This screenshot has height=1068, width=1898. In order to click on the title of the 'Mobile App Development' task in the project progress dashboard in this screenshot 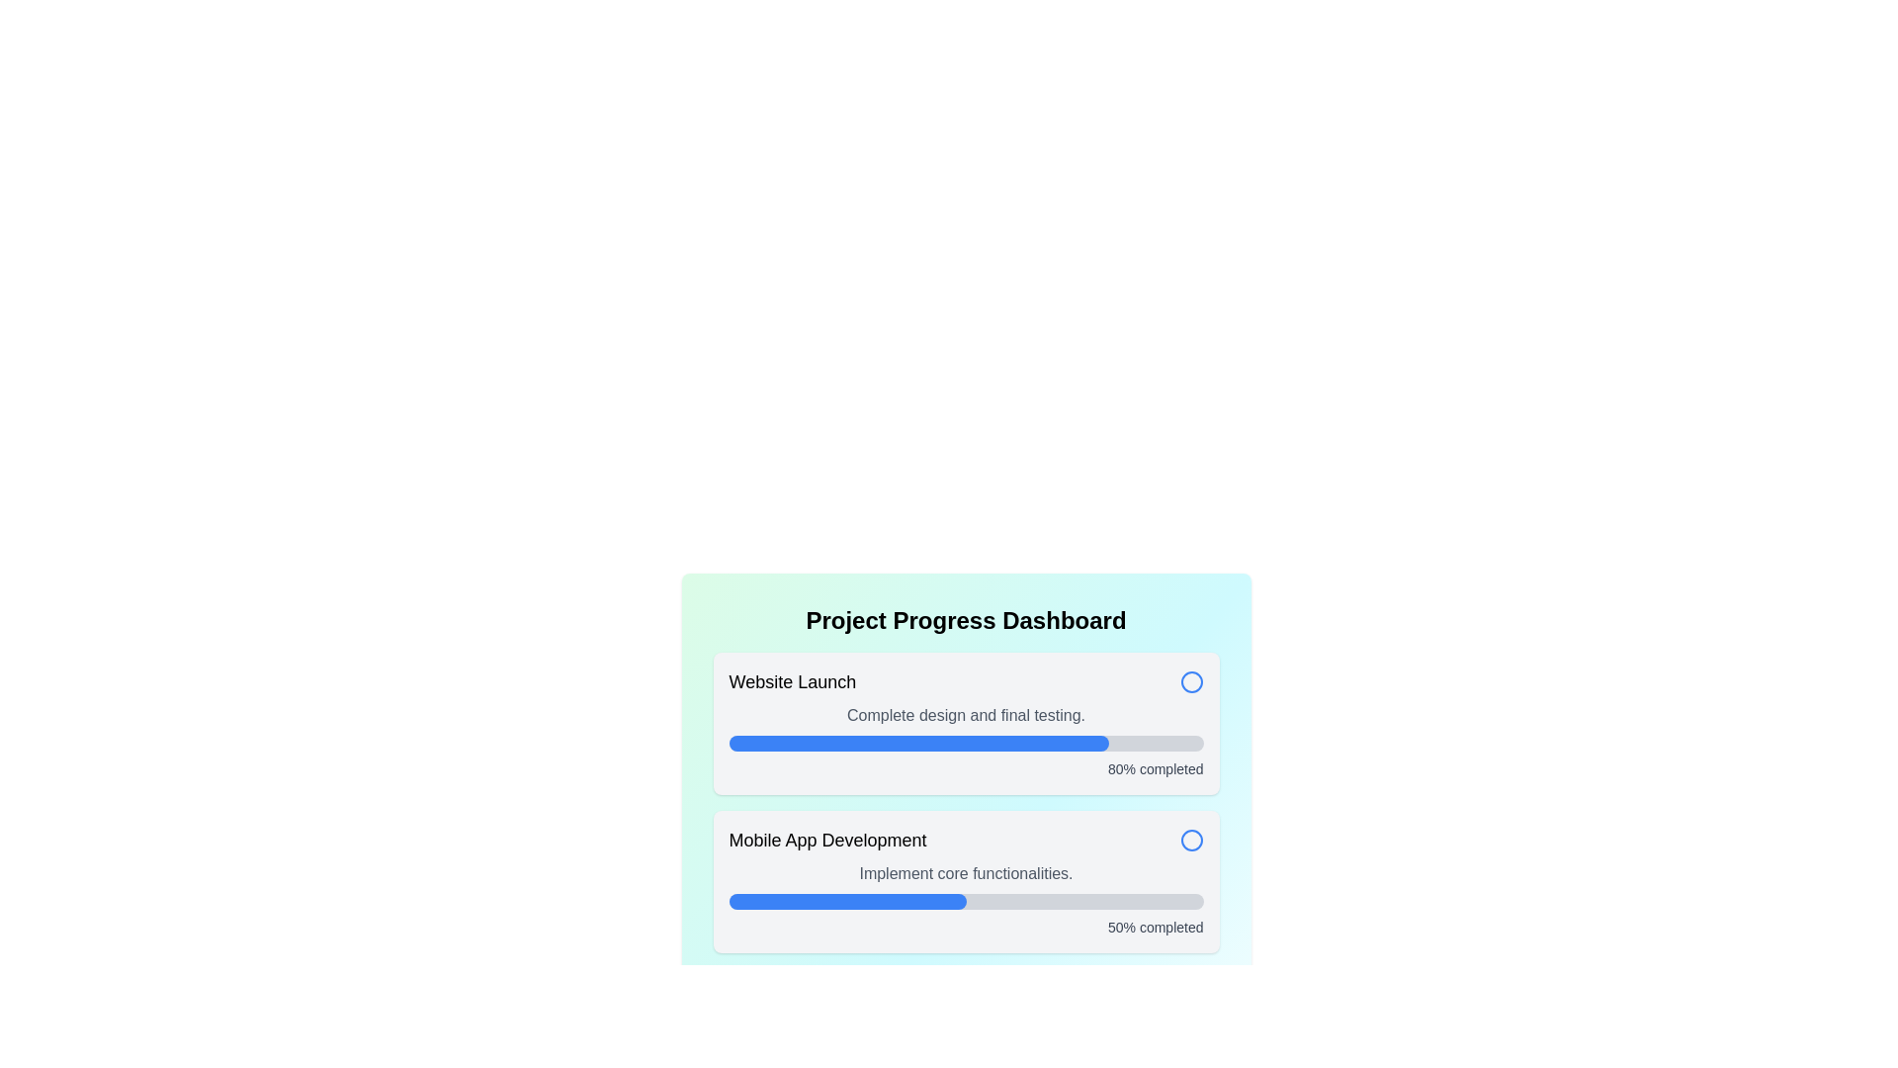, I will do `click(966, 840)`.